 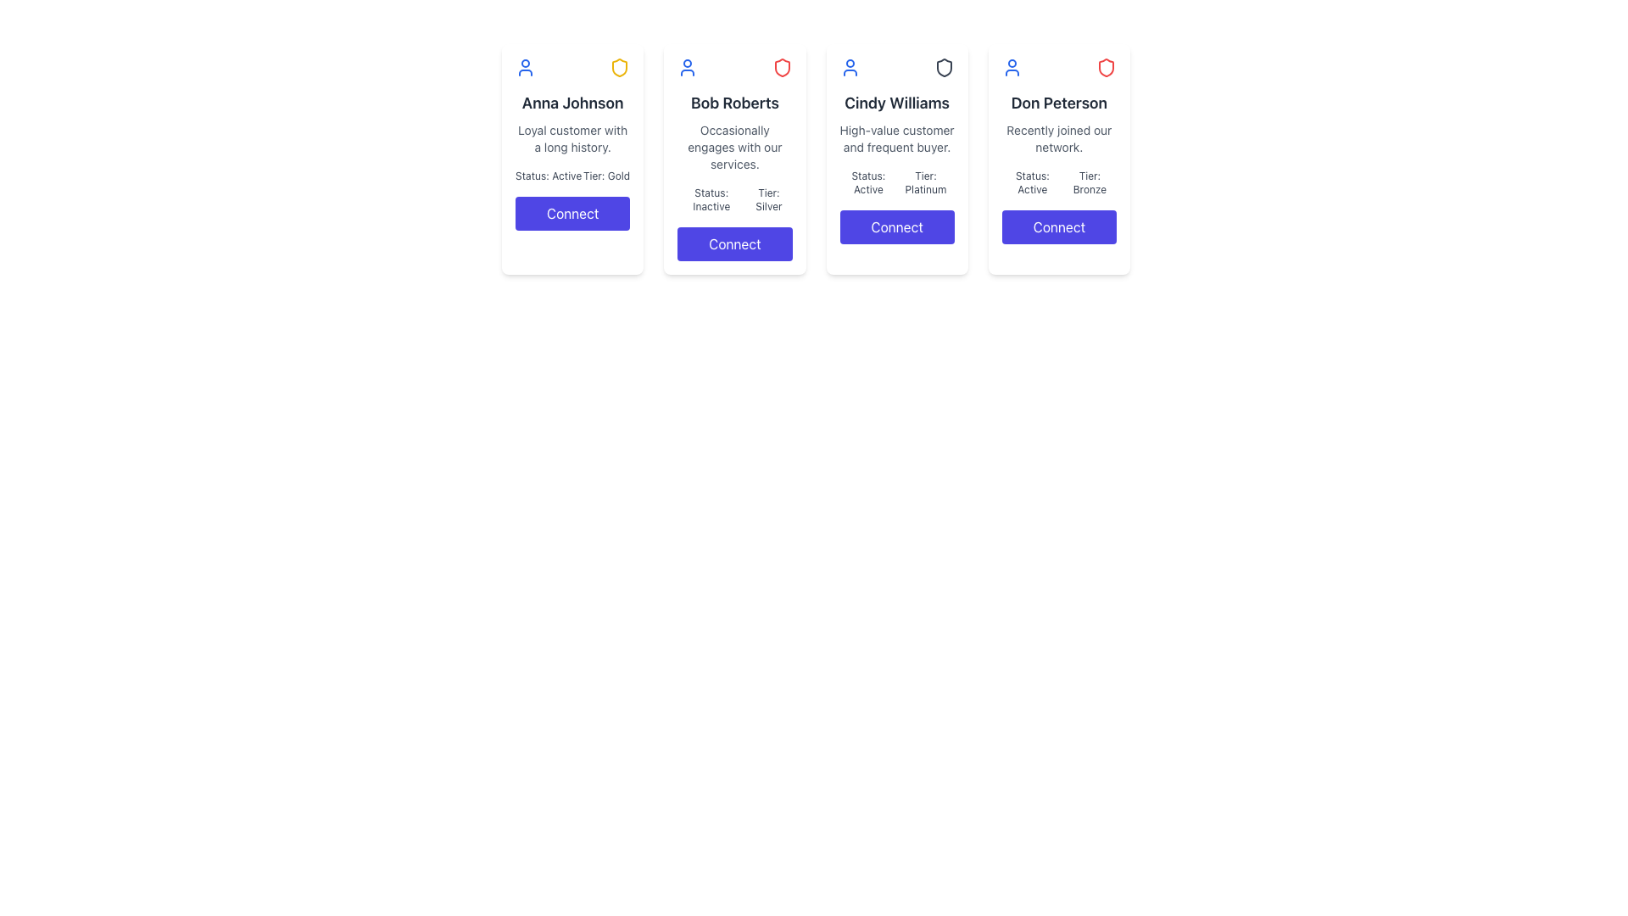 What do you see at coordinates (1058, 226) in the screenshot?
I see `the button located at the bottom of the user profile card labeled 'Don Peterson' to initiate a connection` at bounding box center [1058, 226].